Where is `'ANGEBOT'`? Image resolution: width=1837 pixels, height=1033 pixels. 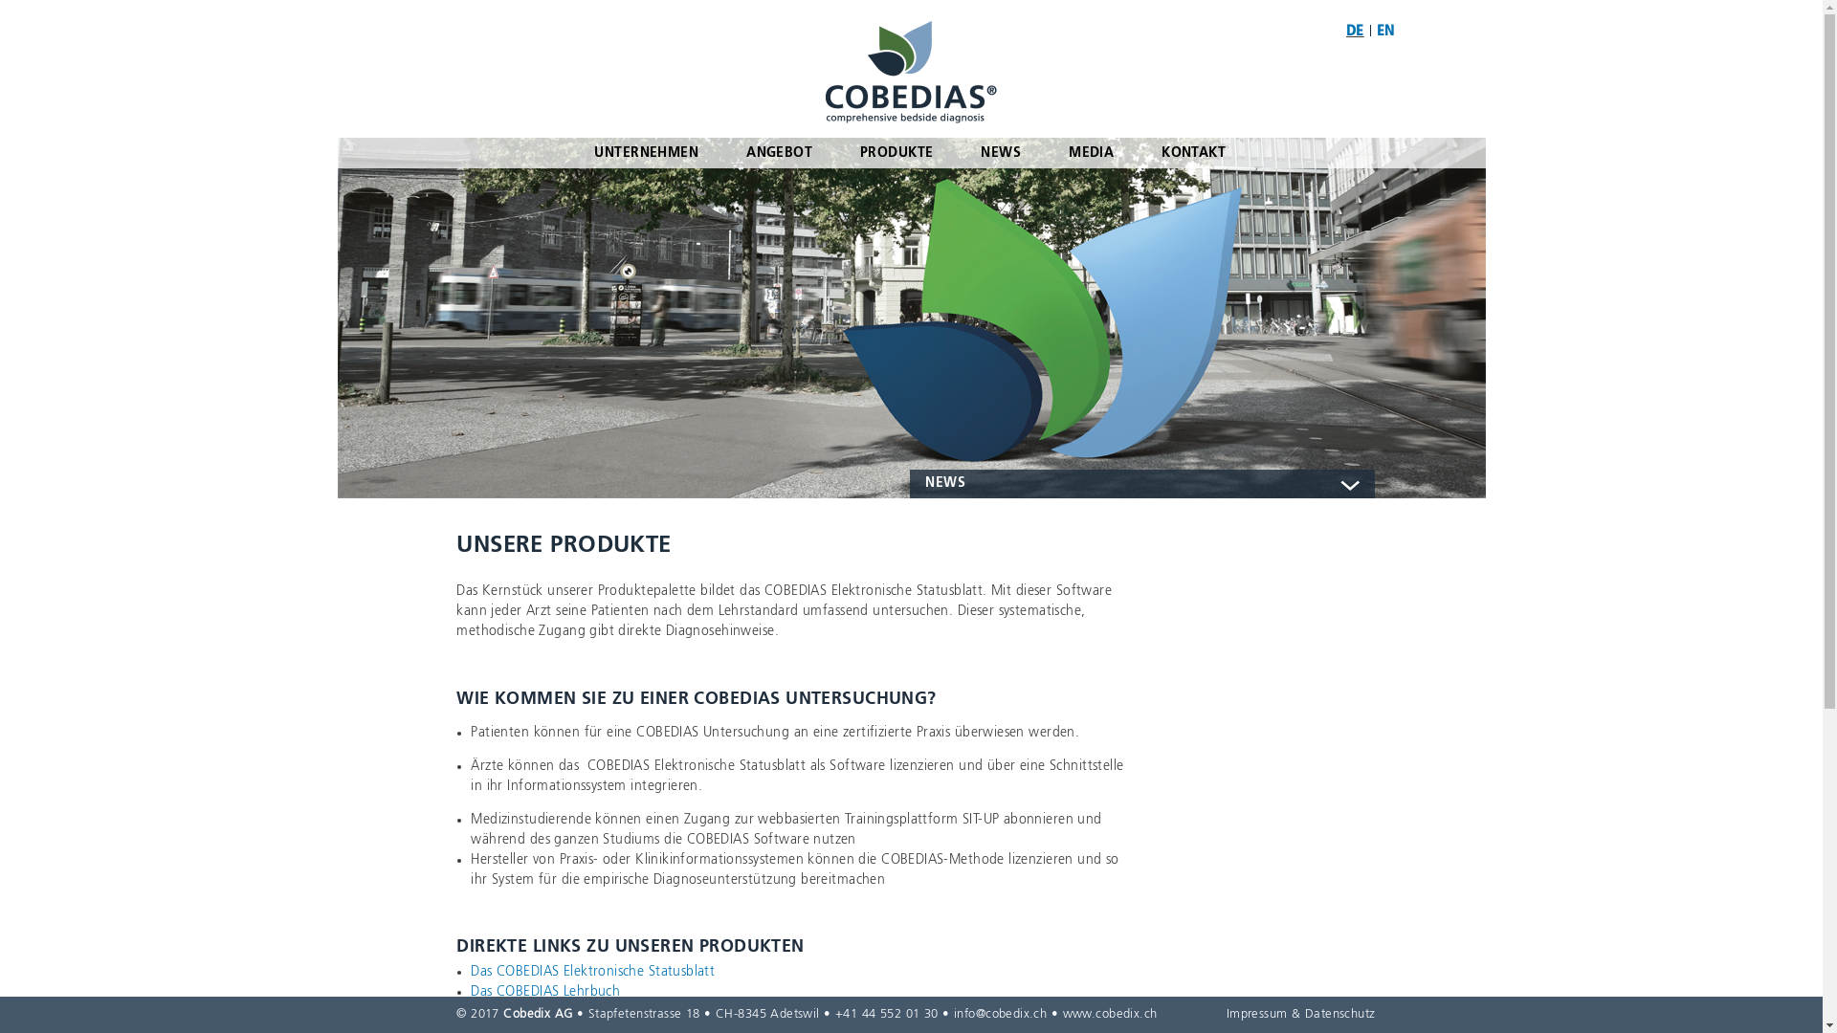 'ANGEBOT' is located at coordinates (720, 151).